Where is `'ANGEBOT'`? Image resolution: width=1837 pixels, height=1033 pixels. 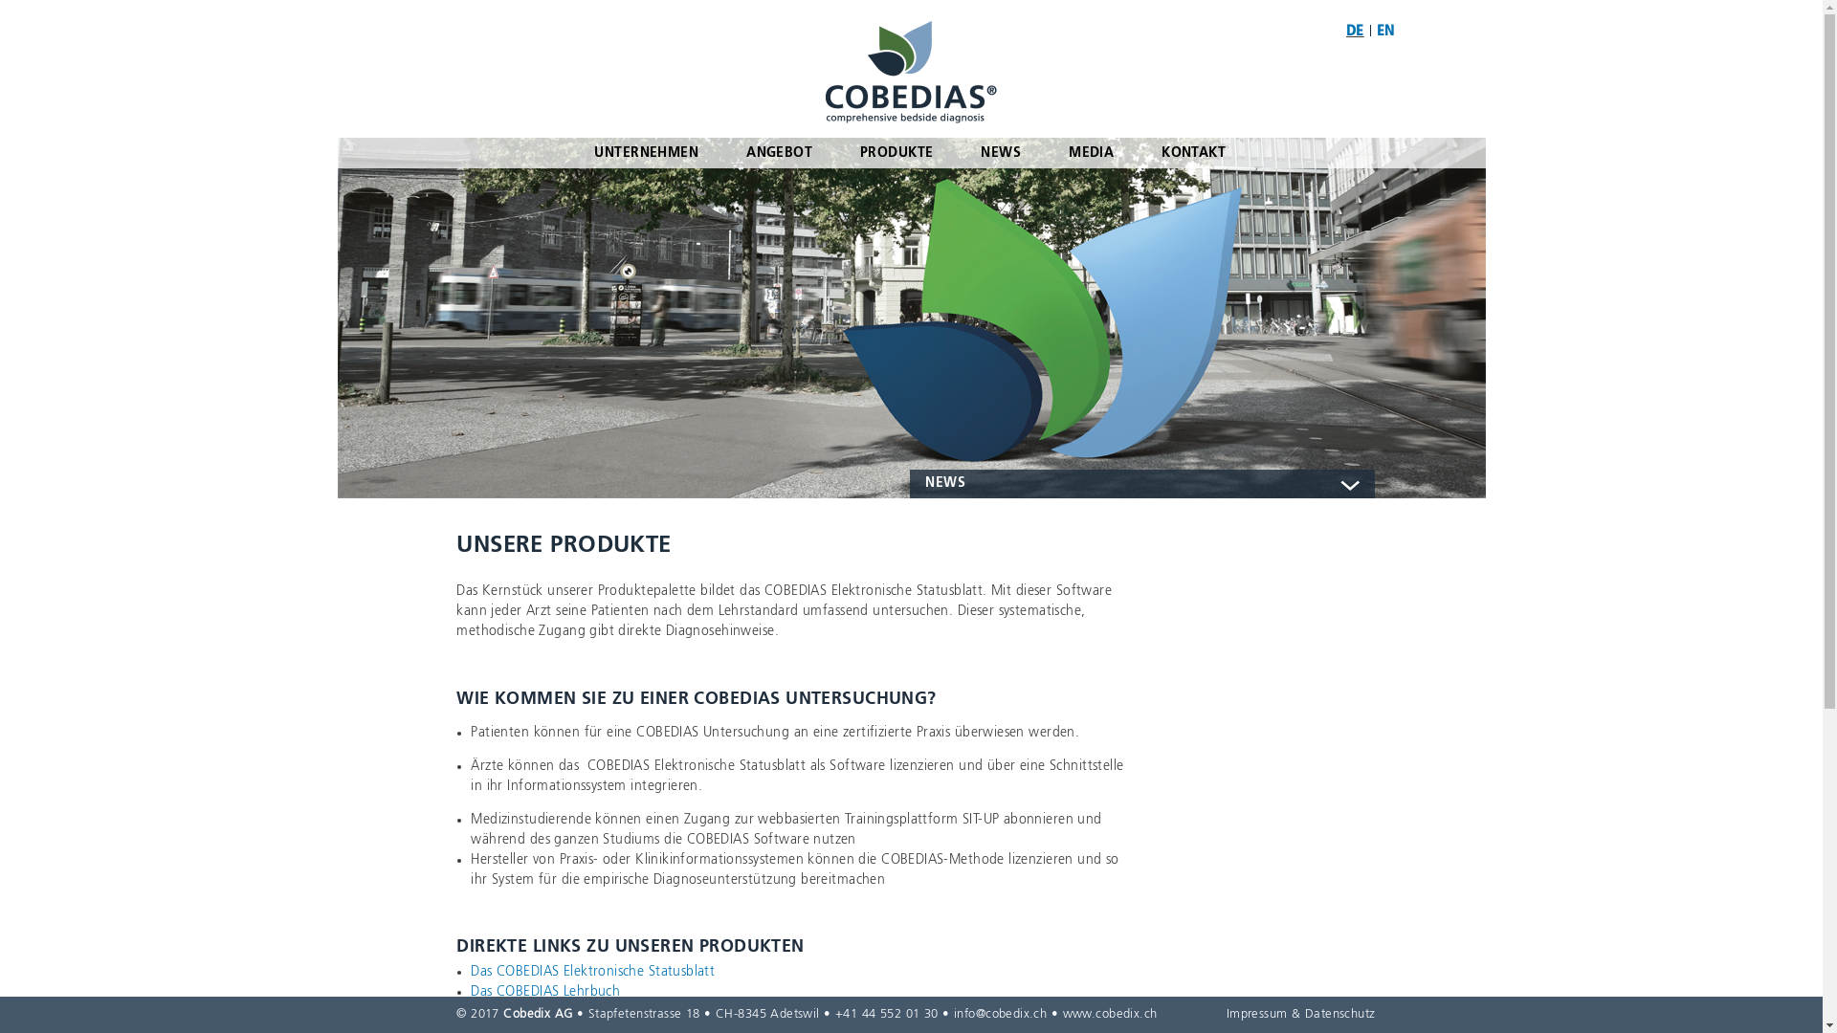 'ANGEBOT' is located at coordinates (720, 151).